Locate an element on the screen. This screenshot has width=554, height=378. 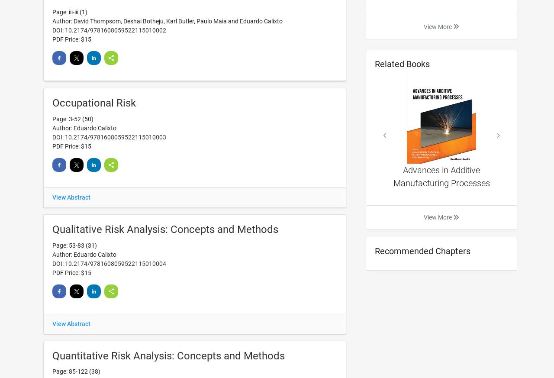
'Page: 321-386 (66)' is located at coordinates (78, 114).